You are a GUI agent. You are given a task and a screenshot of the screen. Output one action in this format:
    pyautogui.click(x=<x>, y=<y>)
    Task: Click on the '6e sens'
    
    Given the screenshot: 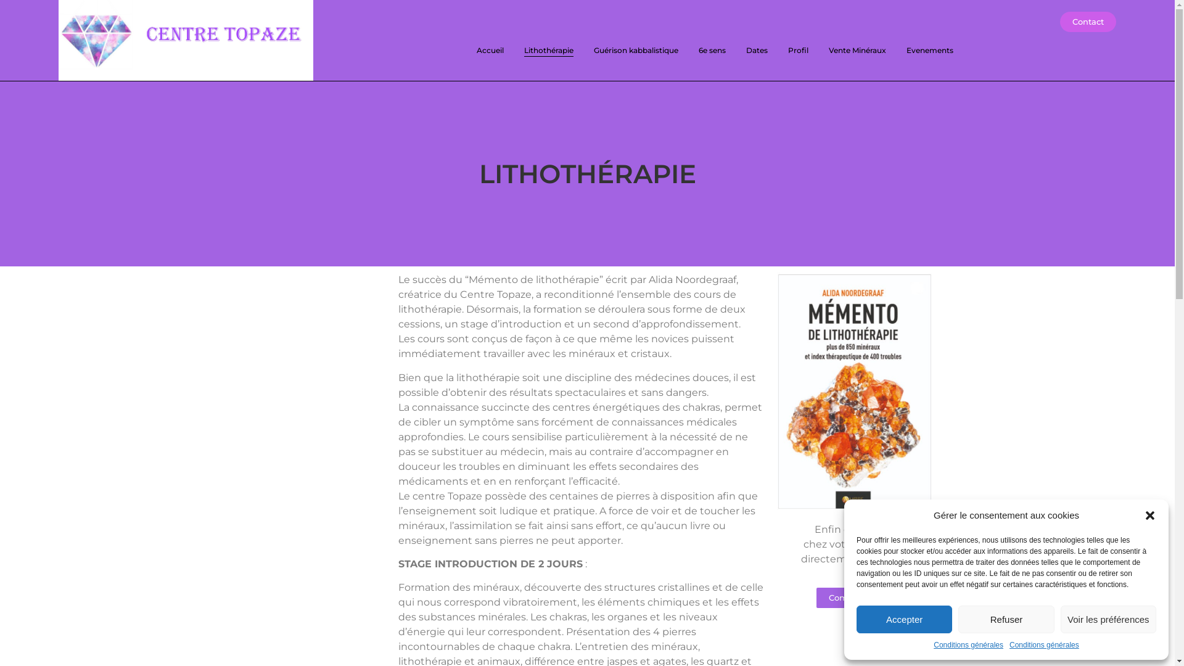 What is the action you would take?
    pyautogui.click(x=711, y=49)
    